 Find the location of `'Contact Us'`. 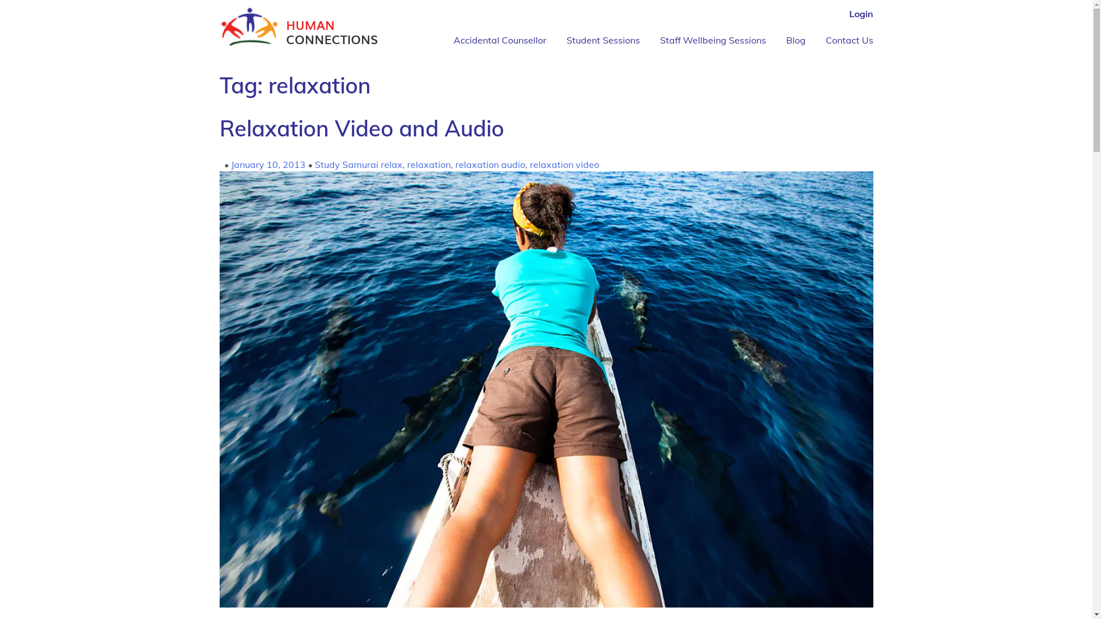

'Contact Us' is located at coordinates (849, 39).